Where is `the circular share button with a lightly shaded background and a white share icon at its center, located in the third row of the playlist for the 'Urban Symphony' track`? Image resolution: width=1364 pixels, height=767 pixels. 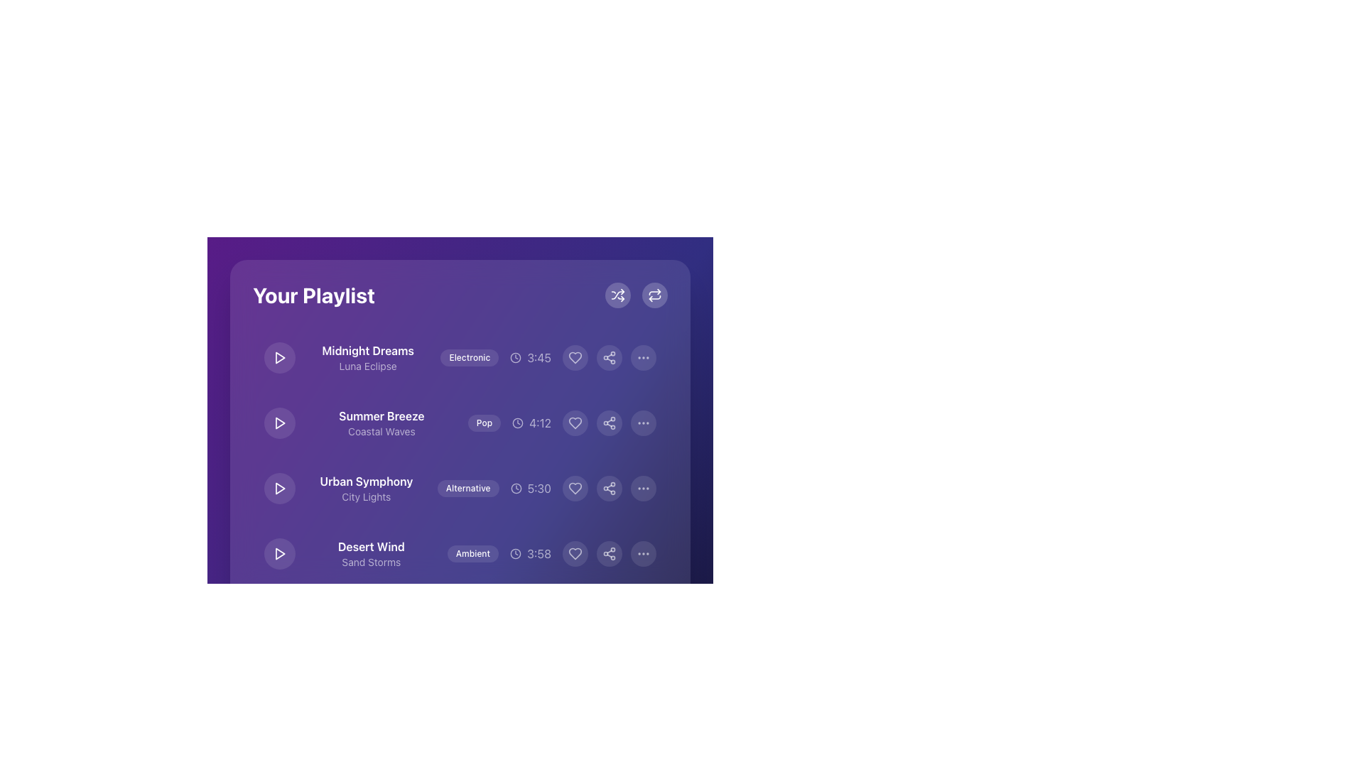 the circular share button with a lightly shaded background and a white share icon at its center, located in the third row of the playlist for the 'Urban Symphony' track is located at coordinates (610, 487).